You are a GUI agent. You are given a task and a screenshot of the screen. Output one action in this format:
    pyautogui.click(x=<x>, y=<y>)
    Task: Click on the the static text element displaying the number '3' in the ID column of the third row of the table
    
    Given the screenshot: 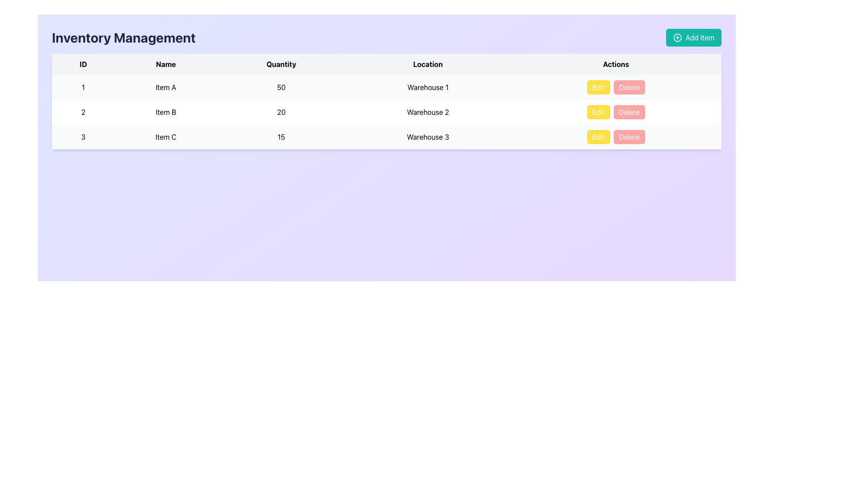 What is the action you would take?
    pyautogui.click(x=83, y=137)
    